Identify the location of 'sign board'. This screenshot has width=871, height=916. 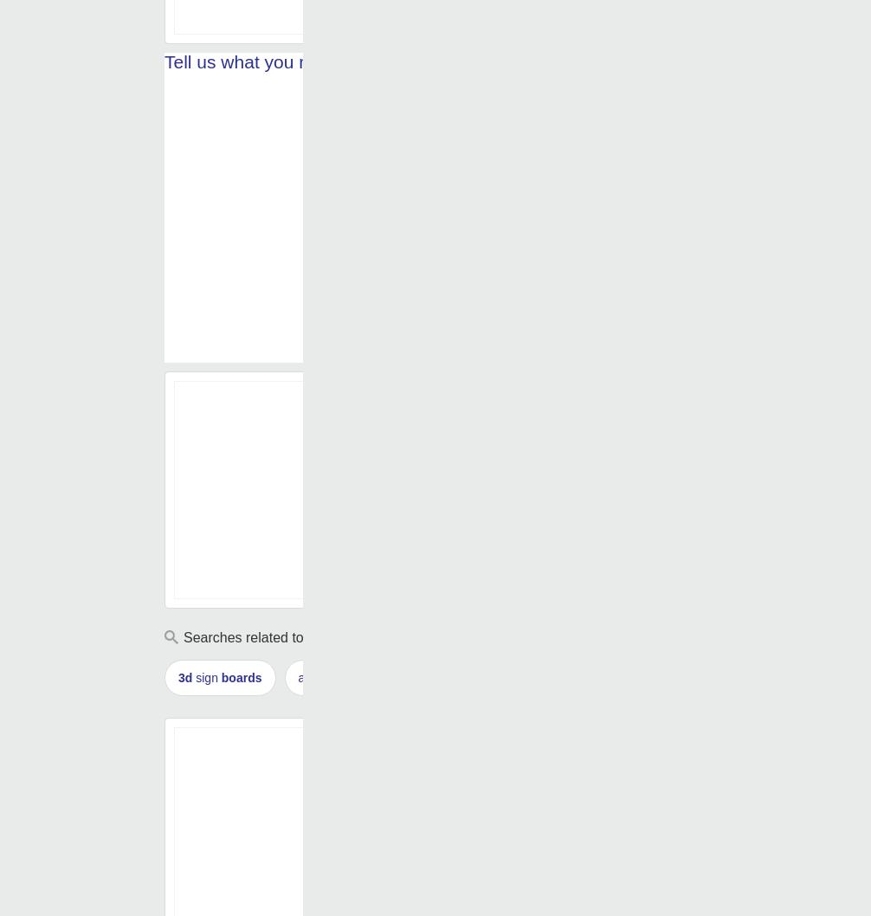
(715, 842).